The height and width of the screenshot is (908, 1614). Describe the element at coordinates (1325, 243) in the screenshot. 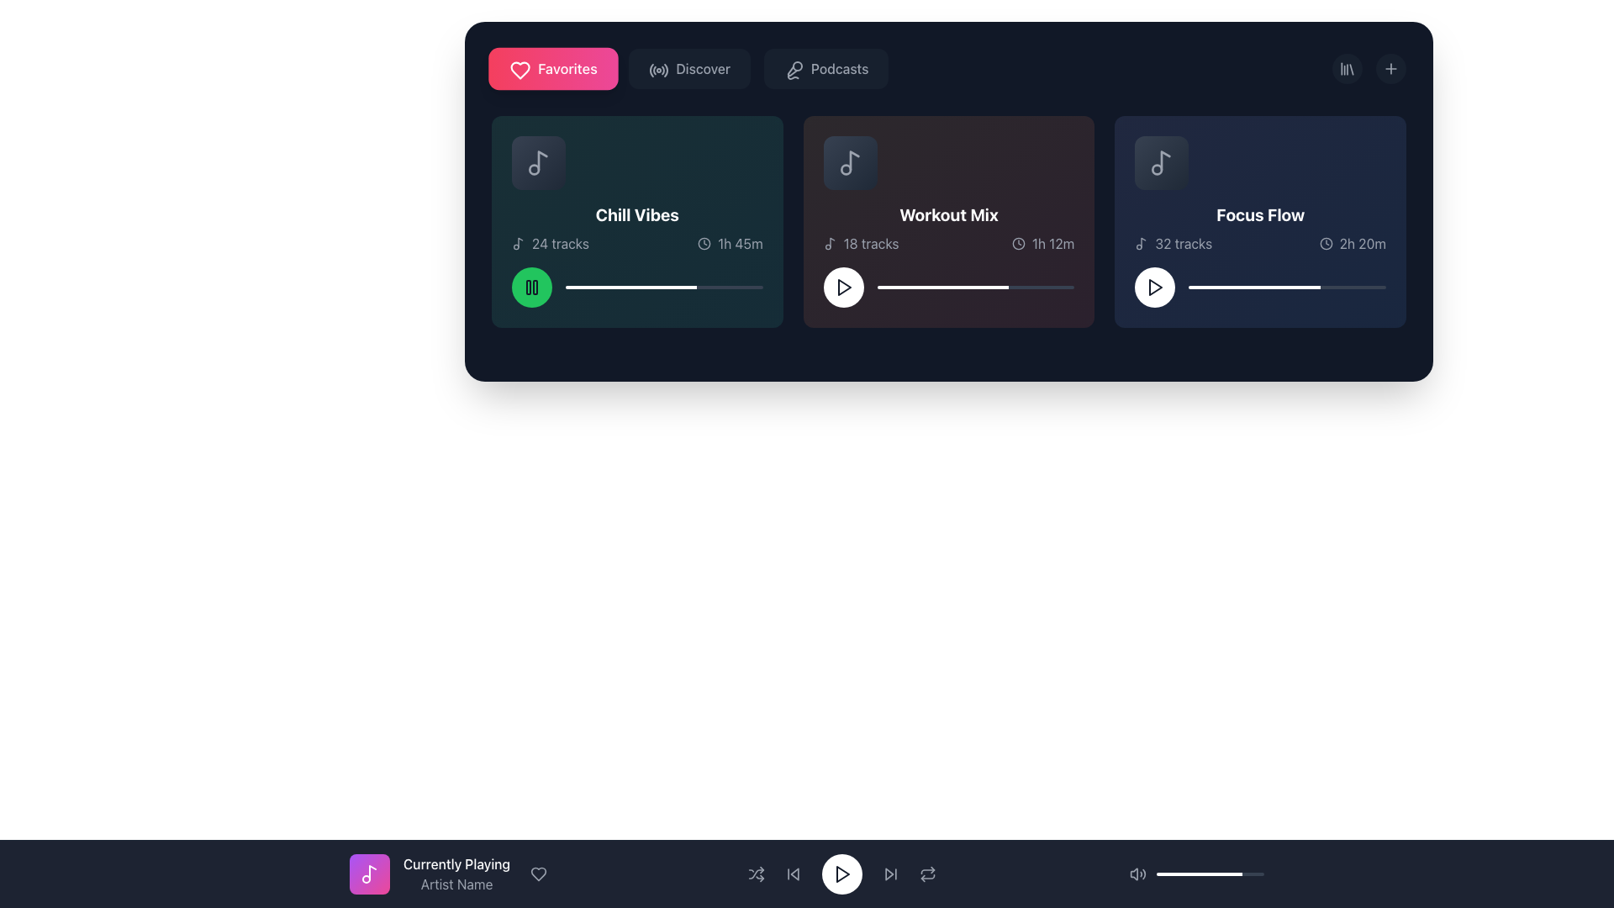

I see `the Clock icon, which is a circular icon with a clock design, located next to the text '2h 20m' in the 'Focus Flow' playlist card` at that location.